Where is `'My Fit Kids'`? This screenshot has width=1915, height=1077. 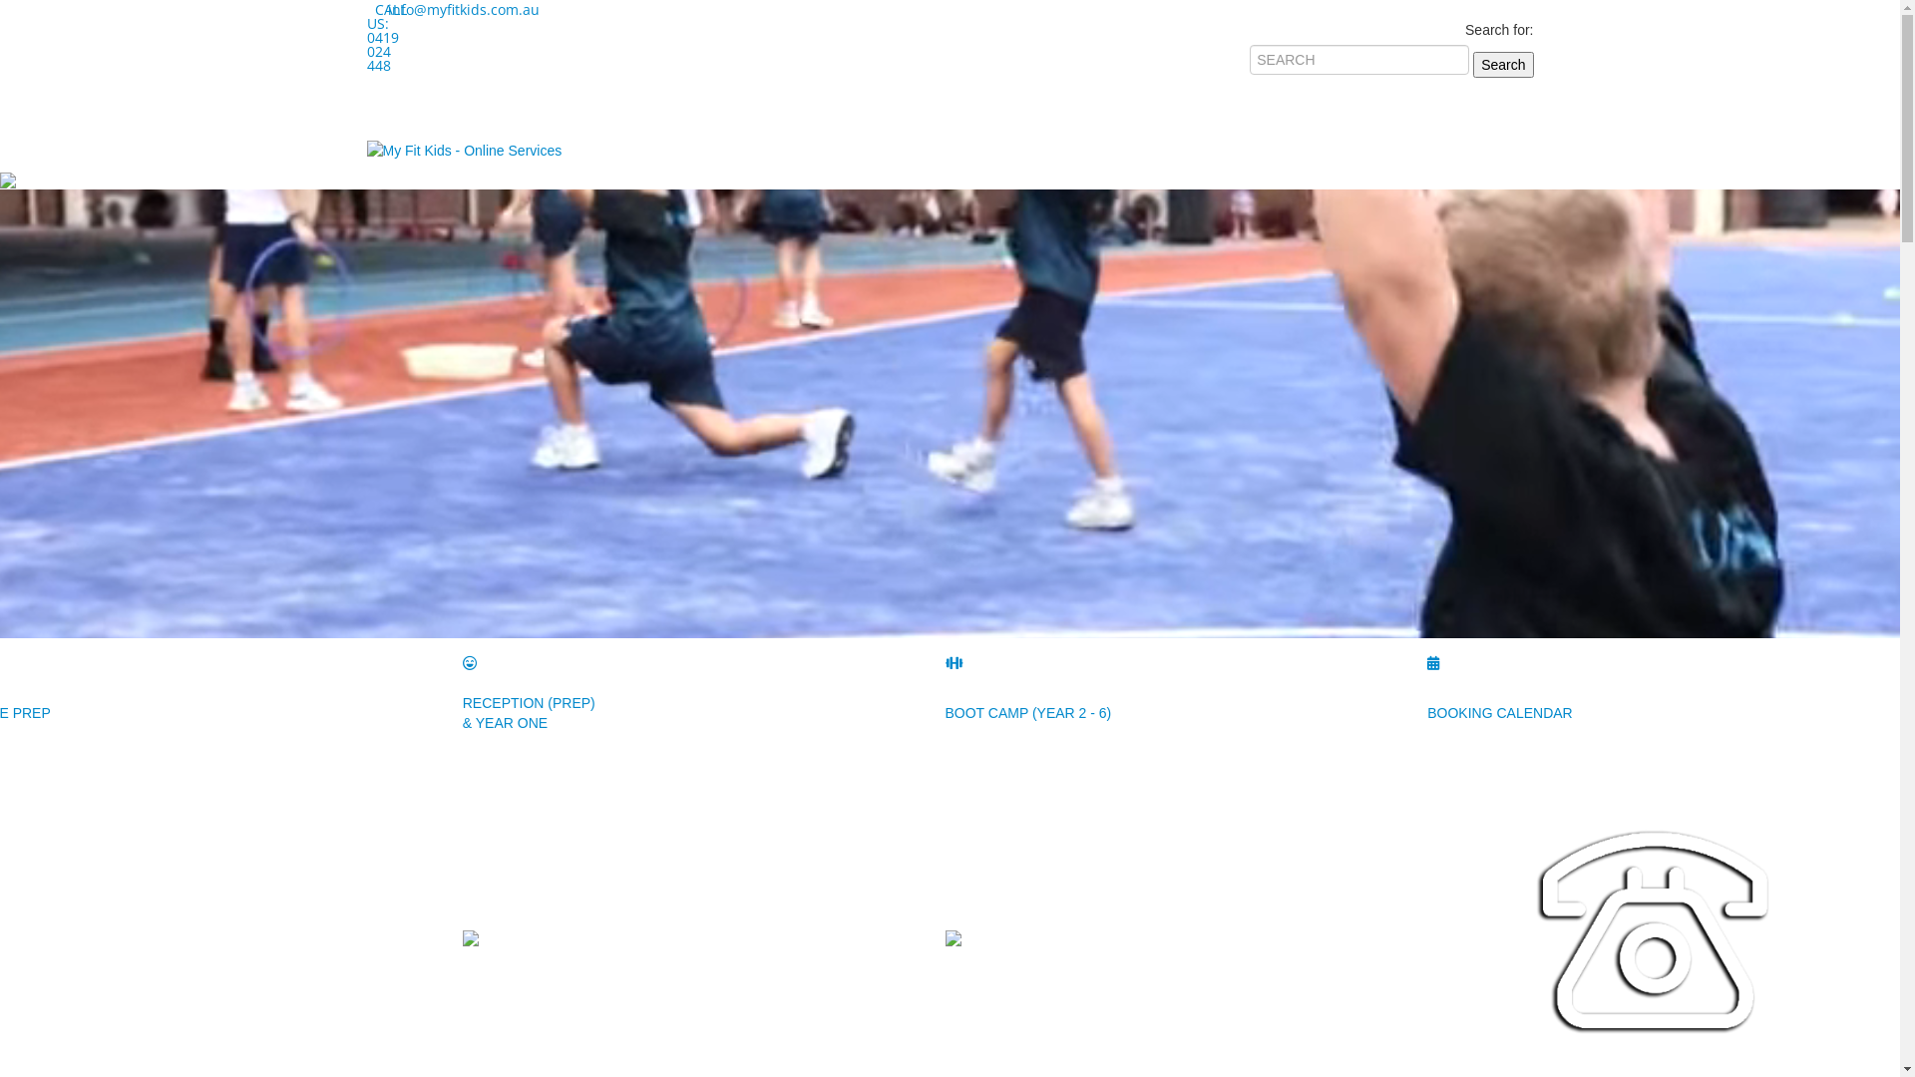 'My Fit Kids' is located at coordinates (367, 149).